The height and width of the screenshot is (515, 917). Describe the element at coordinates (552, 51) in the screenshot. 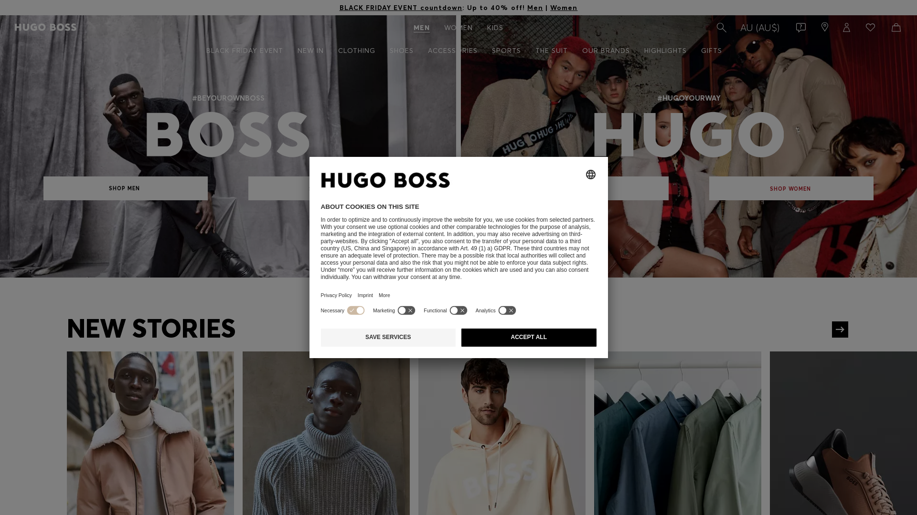

I see `'THE SUIT'` at that location.